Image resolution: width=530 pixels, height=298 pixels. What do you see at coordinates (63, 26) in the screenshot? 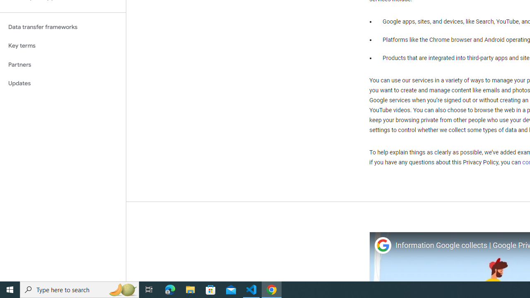
I see `'Data transfer frameworks'` at bounding box center [63, 26].